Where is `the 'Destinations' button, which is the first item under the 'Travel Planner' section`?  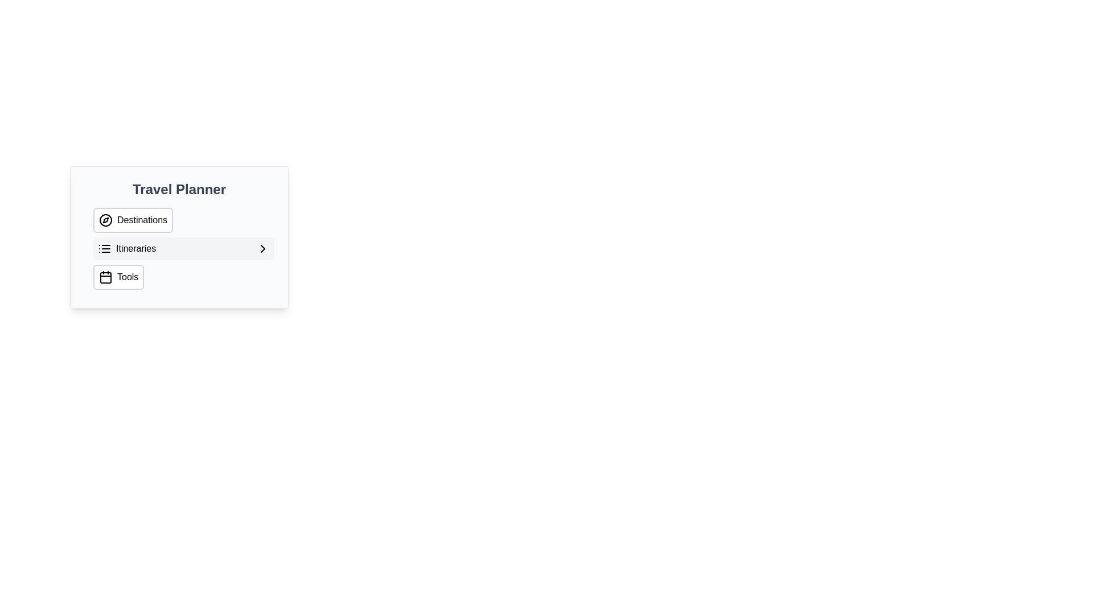
the 'Destinations' button, which is the first item under the 'Travel Planner' section is located at coordinates (183, 220).